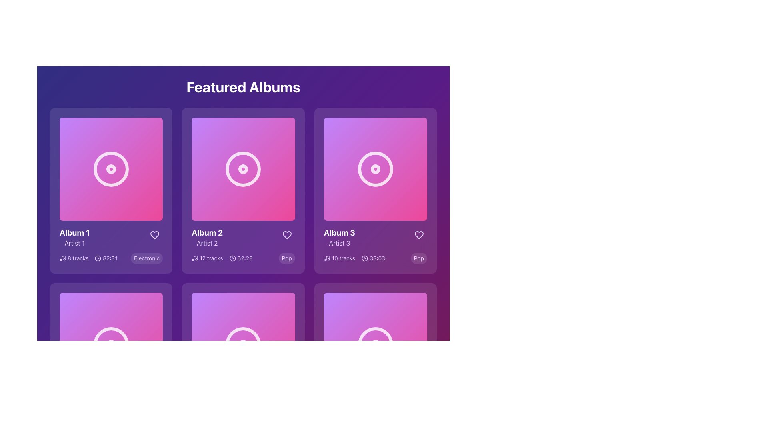  Describe the element at coordinates (339, 243) in the screenshot. I see `the informational Text label indicating the artist associated with 'Album 3', located on the rightmost side of the top row of the grid layout` at that location.